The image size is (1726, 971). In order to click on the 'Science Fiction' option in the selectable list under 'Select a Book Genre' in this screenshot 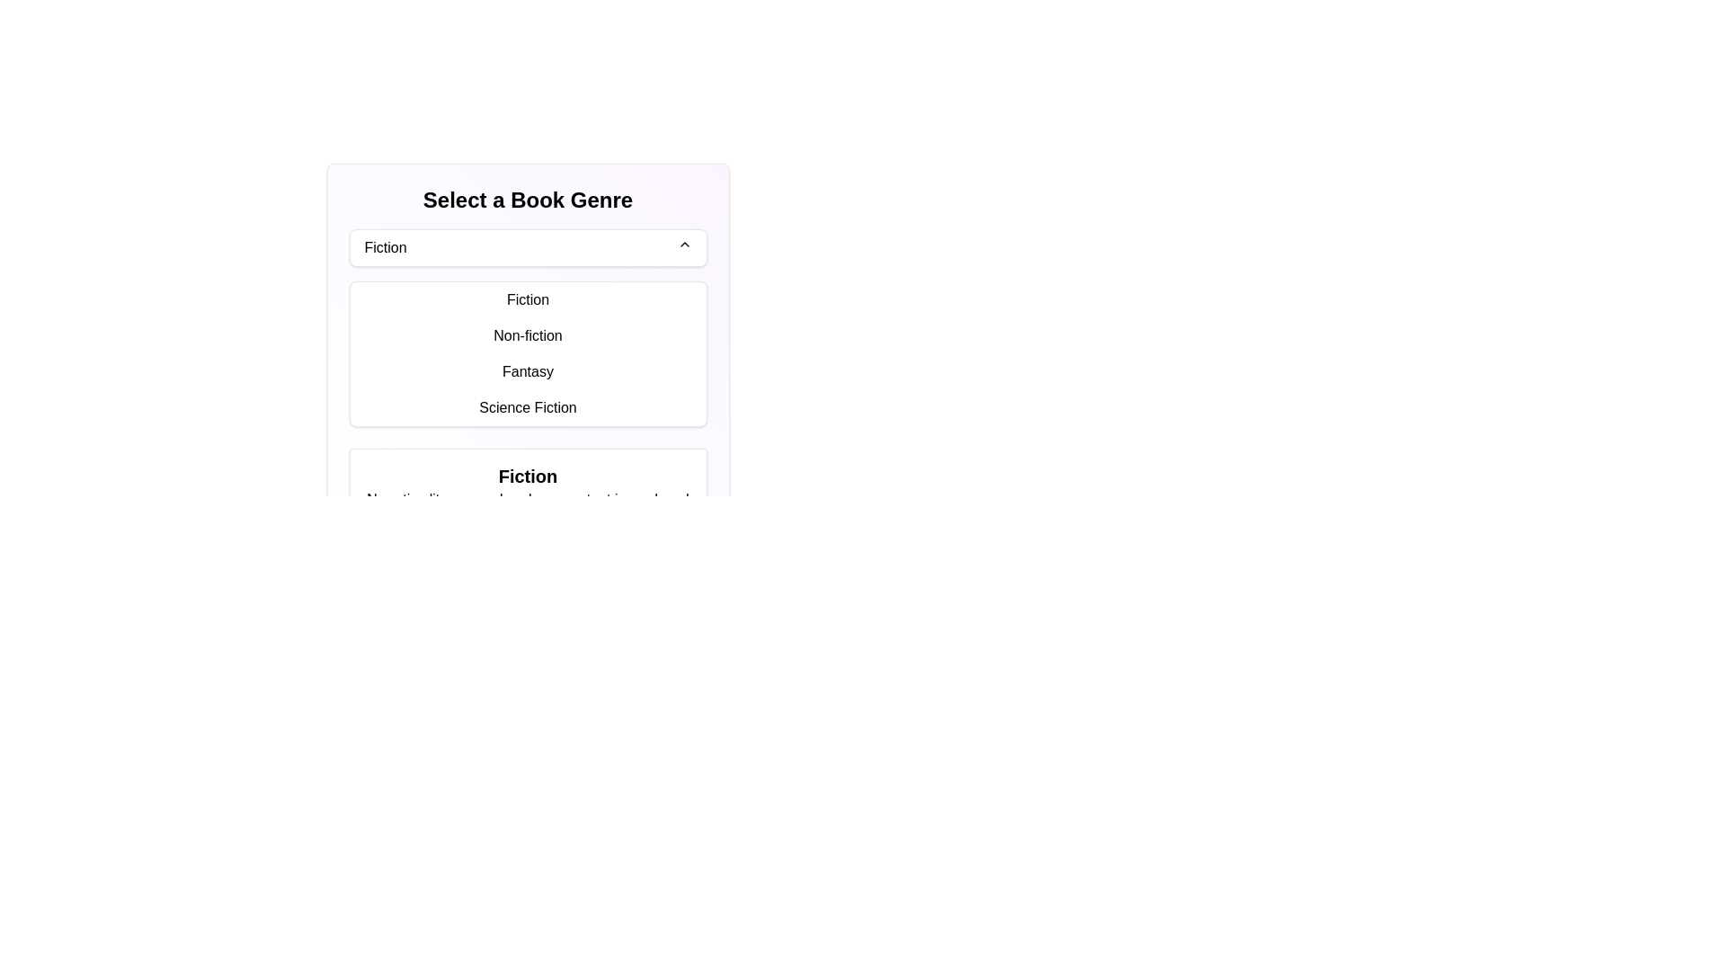, I will do `click(527, 408)`.